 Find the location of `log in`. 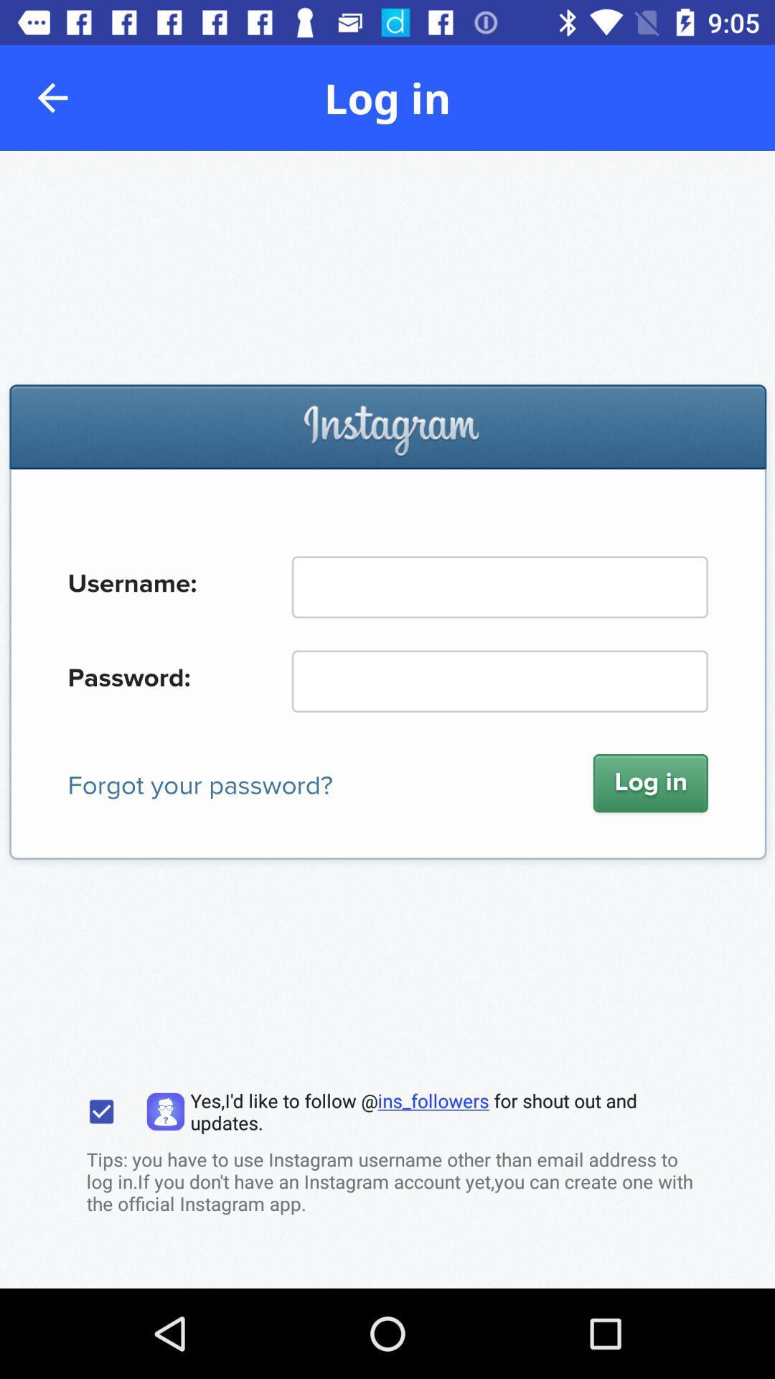

log in is located at coordinates (387, 720).